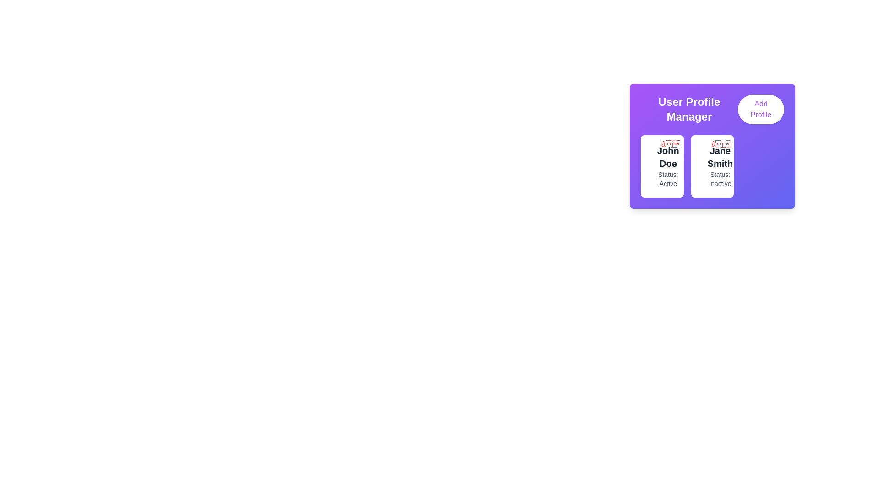 The height and width of the screenshot is (495, 880). Describe the element at coordinates (720, 166) in the screenshot. I see `the user-specific information Text Display, which is located in the second card from the left in the row of user profiles, showing the user's name and status` at that location.